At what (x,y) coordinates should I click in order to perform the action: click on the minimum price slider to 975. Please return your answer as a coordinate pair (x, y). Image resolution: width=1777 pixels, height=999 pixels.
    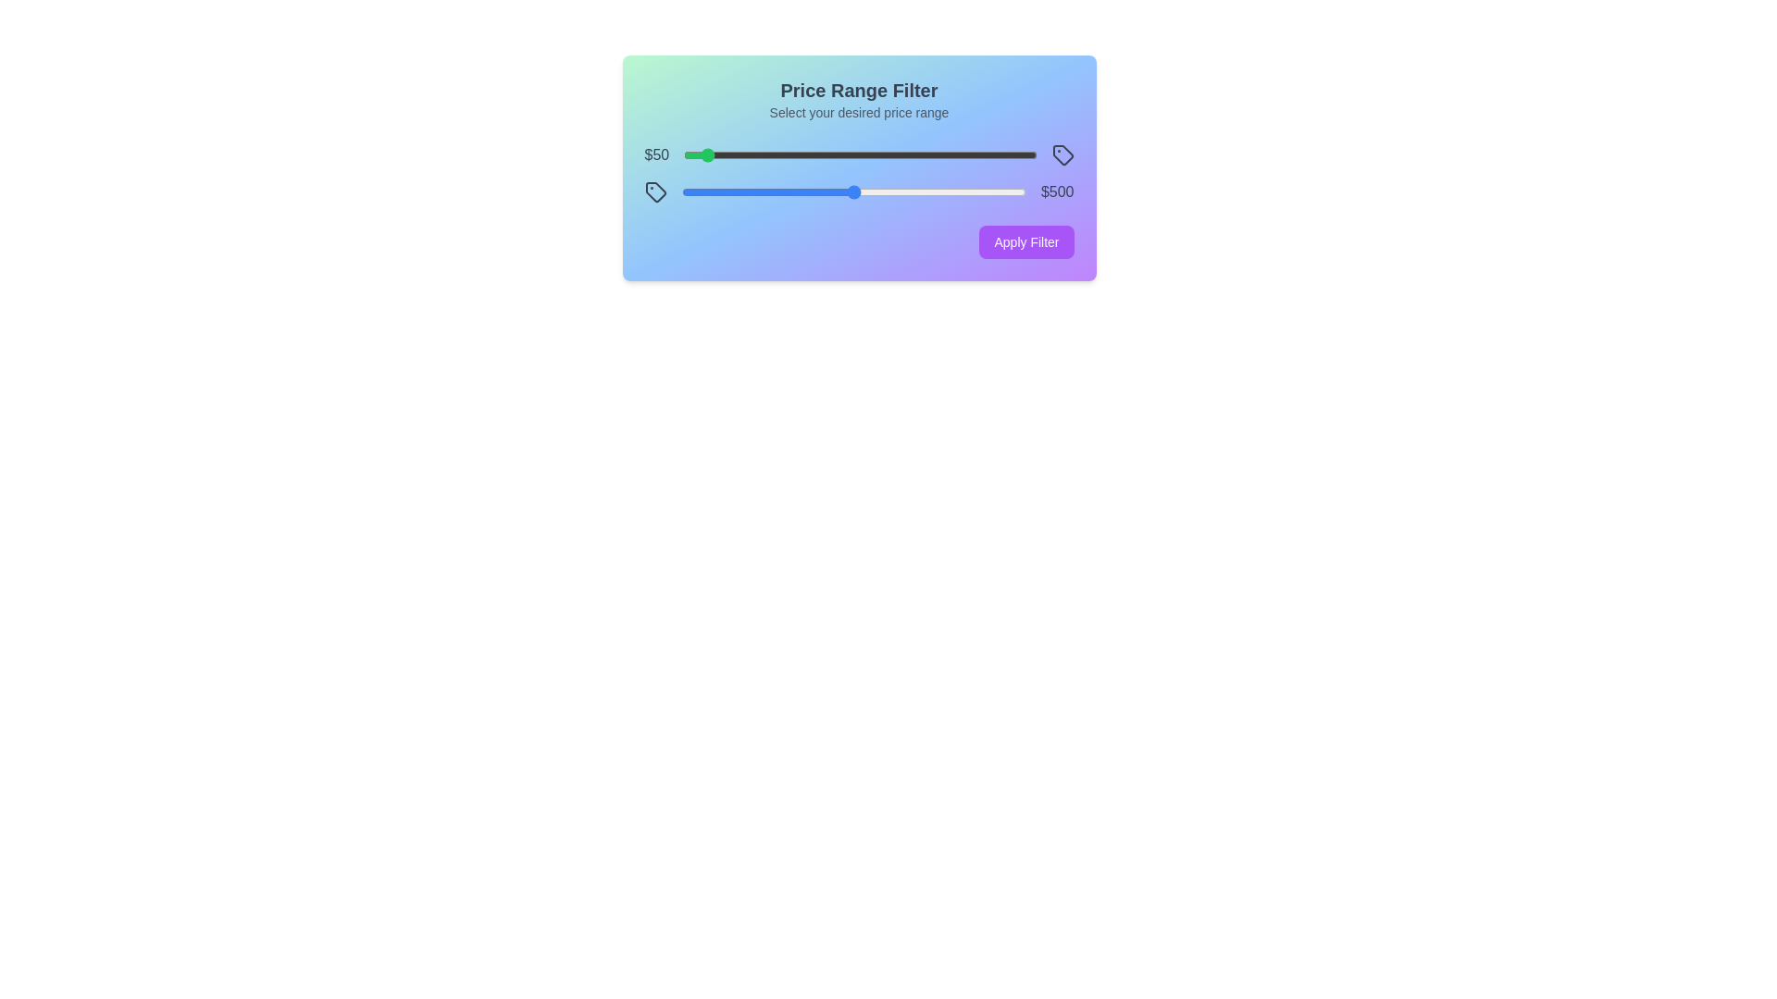
    Looking at the image, I should click on (1026, 154).